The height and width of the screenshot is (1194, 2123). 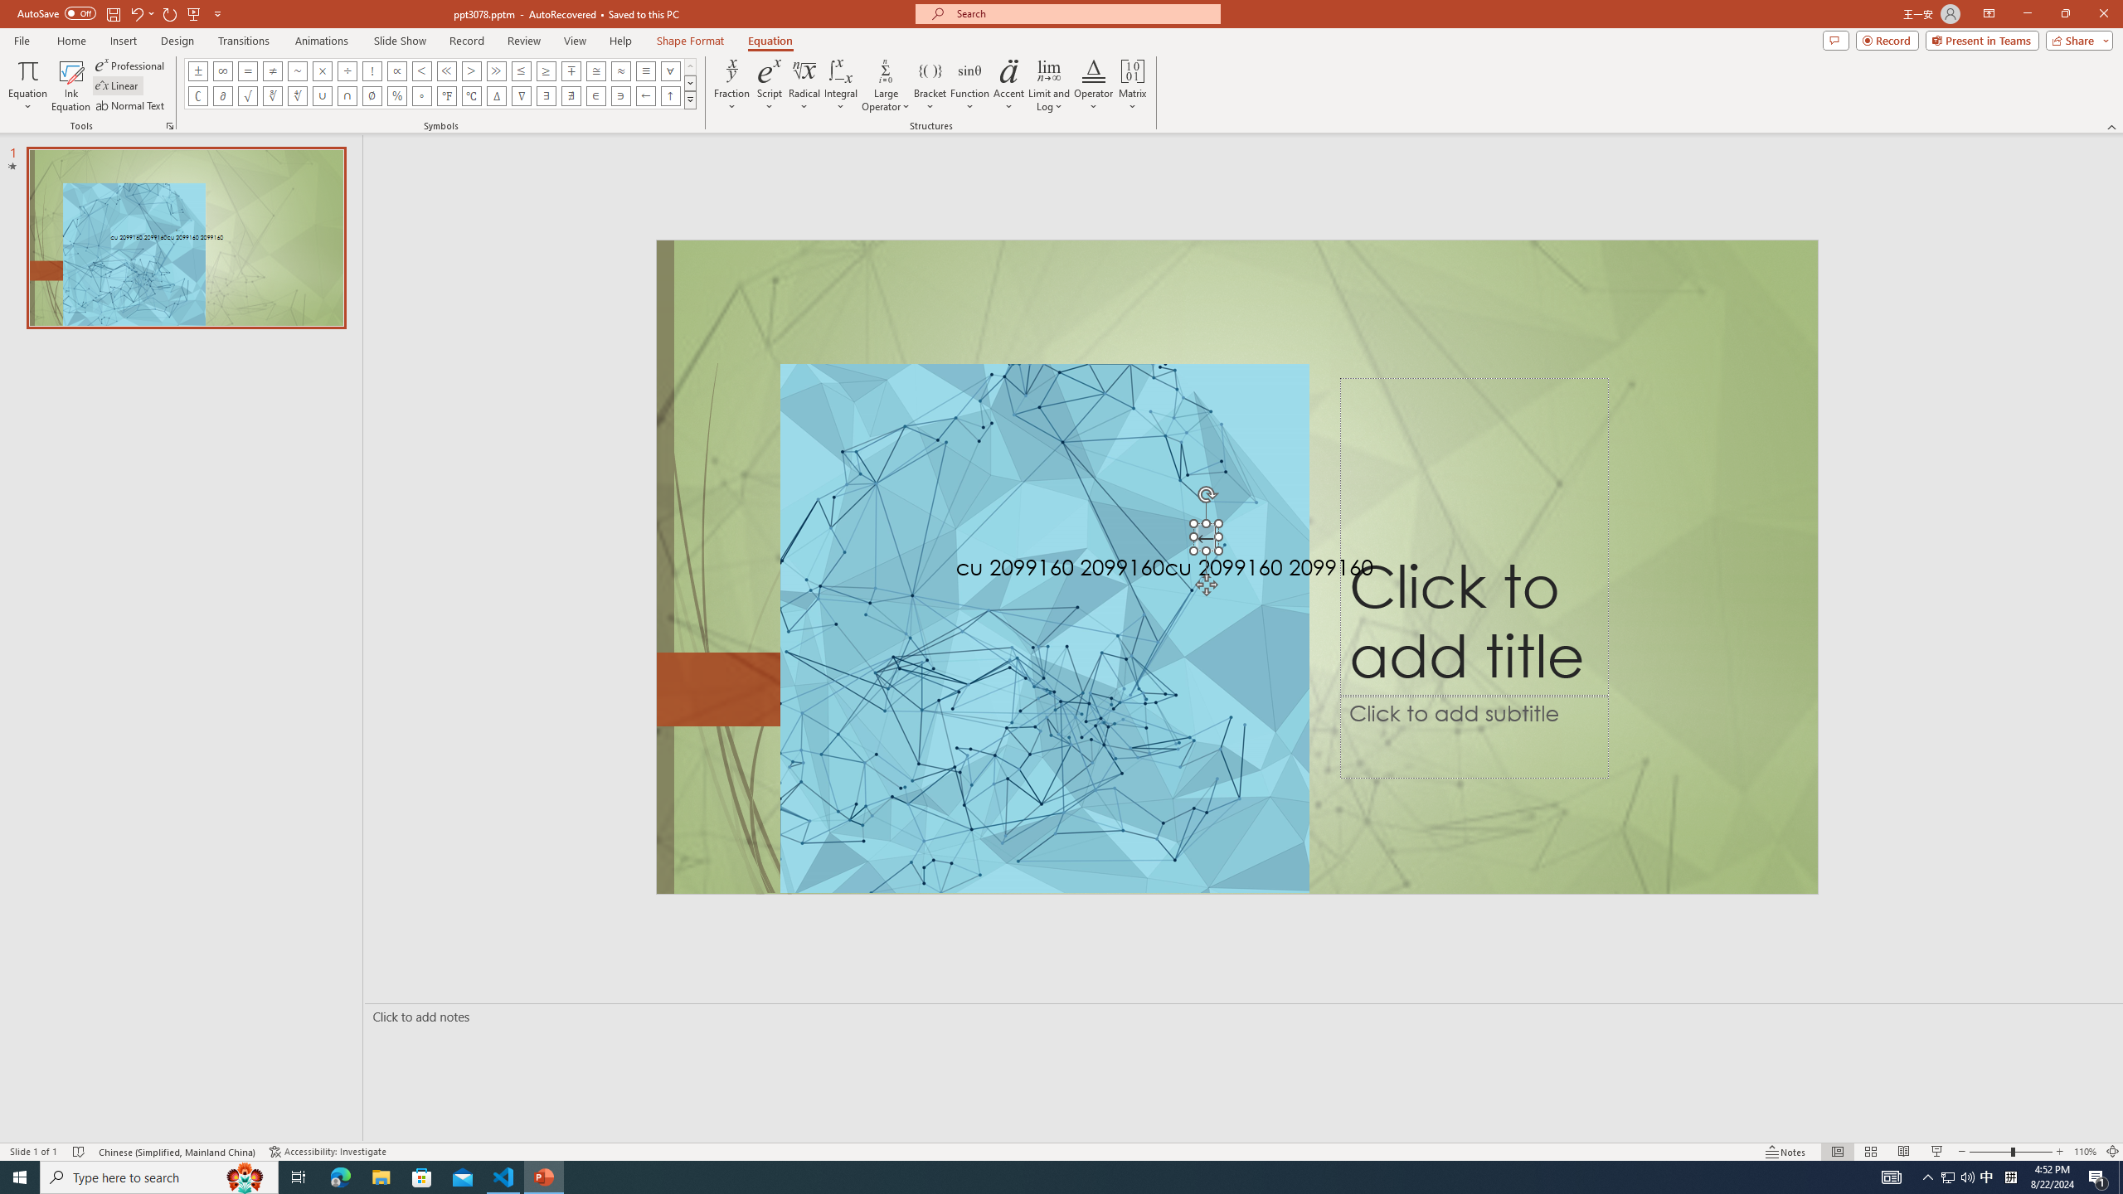 I want to click on 'Normal Text', so click(x=131, y=105).